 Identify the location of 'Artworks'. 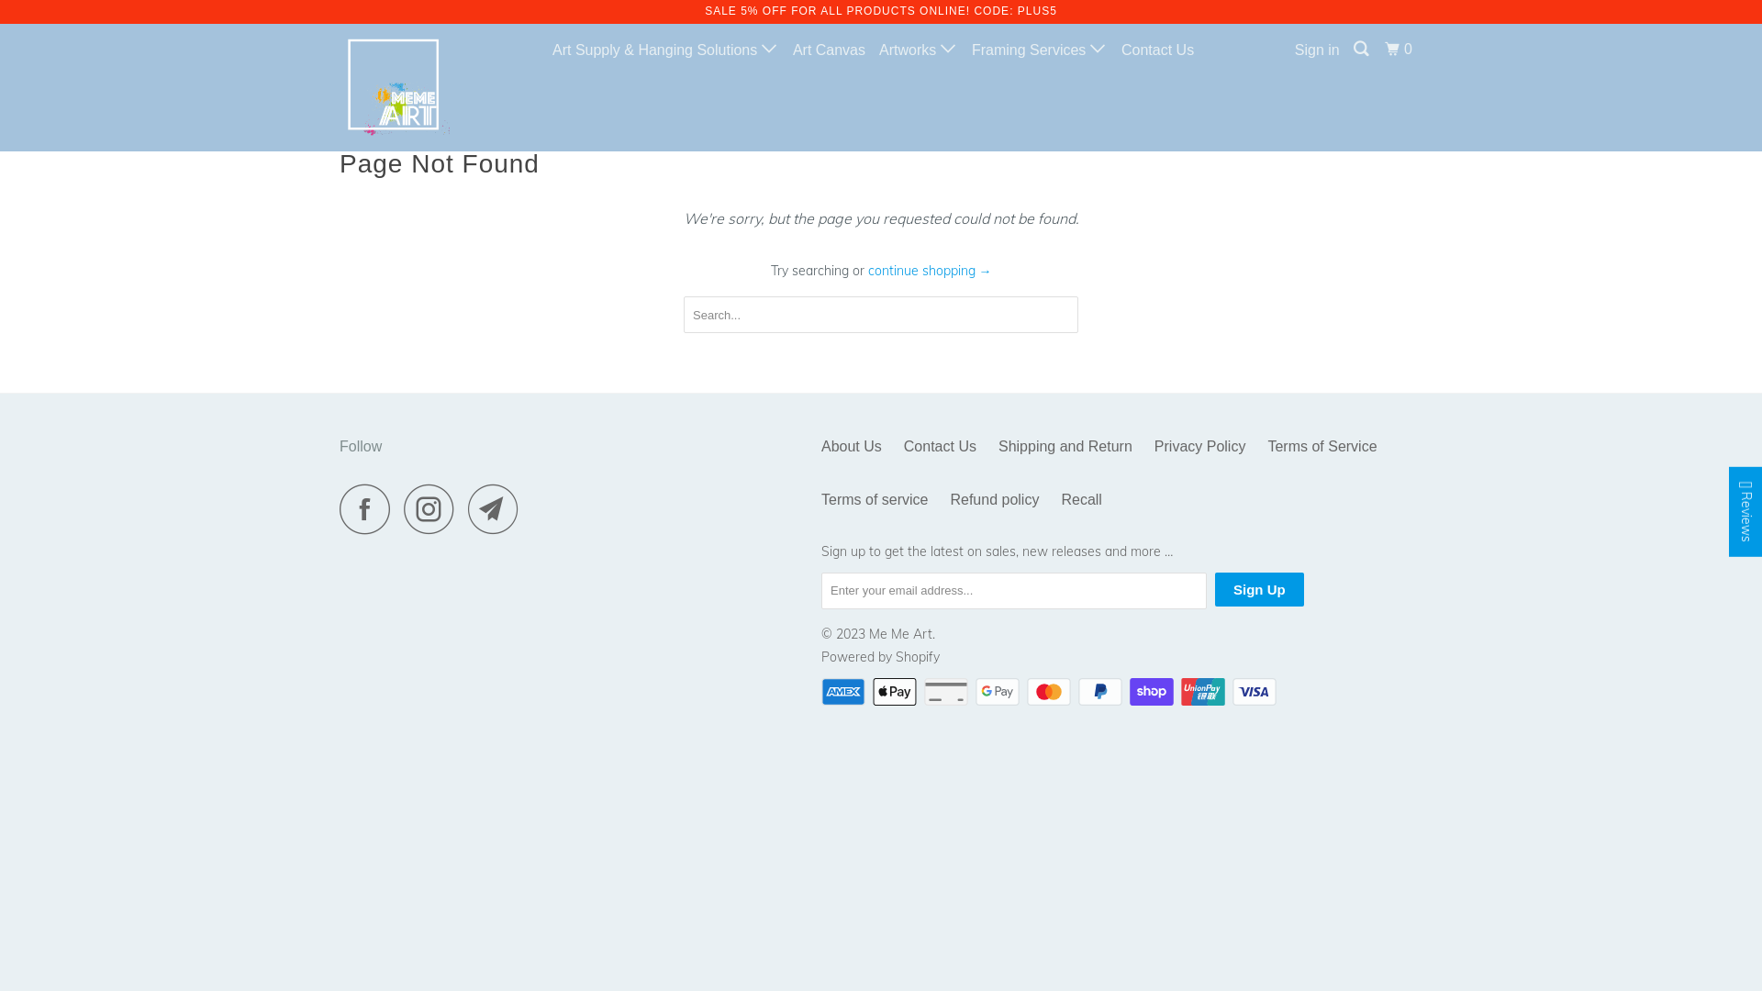
(919, 49).